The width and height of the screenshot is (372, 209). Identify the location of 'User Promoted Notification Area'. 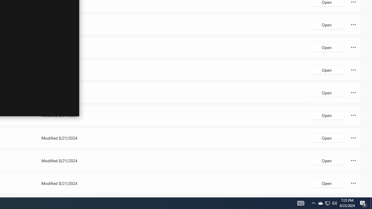
(335, 203).